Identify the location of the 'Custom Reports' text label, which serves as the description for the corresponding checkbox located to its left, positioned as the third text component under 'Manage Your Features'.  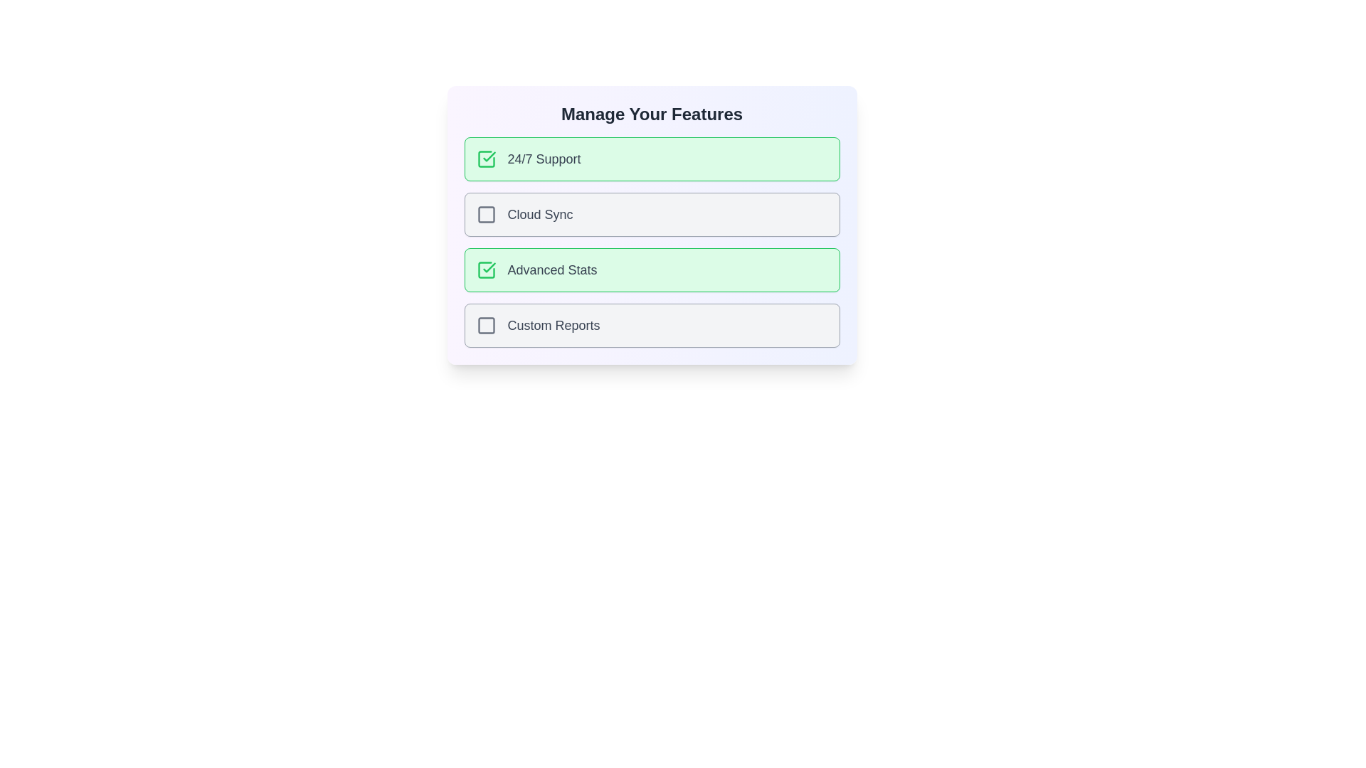
(553, 326).